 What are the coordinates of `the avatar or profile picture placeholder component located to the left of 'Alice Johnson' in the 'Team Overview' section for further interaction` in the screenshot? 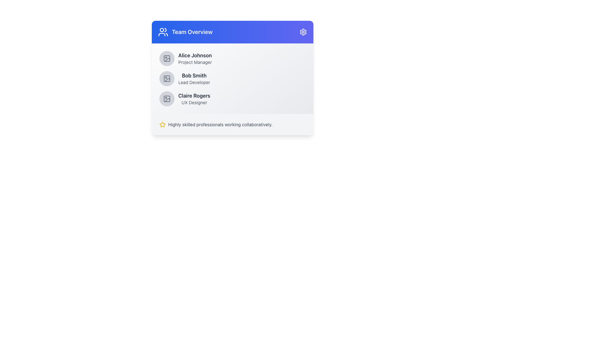 It's located at (167, 58).